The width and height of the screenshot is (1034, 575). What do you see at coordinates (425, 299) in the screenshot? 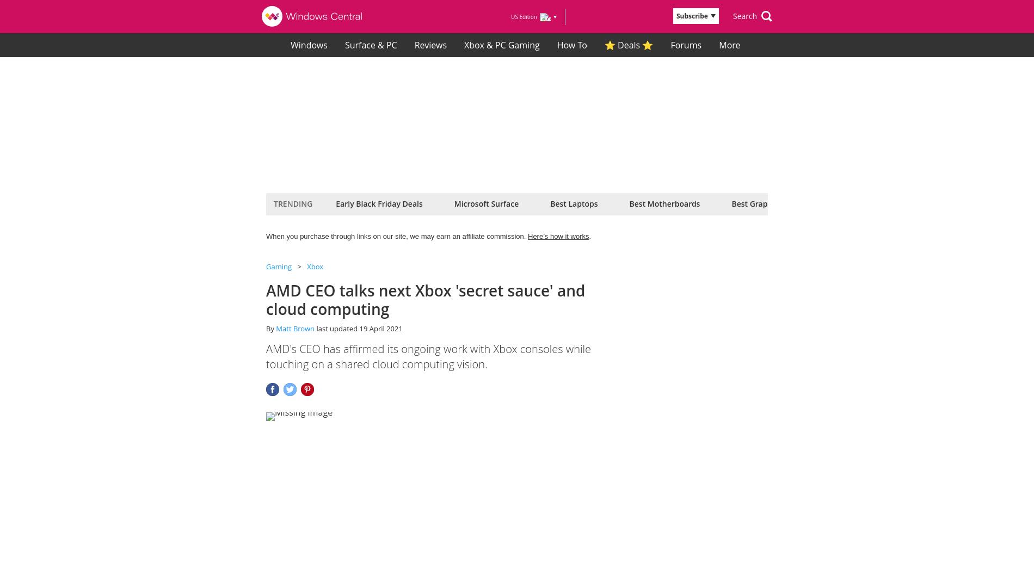
I see `'AMD CEO talks next Xbox 'secret sauce' and cloud computing'` at bounding box center [425, 299].